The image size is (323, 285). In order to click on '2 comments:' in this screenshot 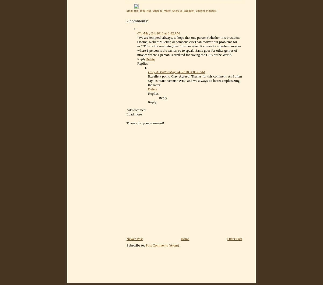, I will do `click(126, 21)`.